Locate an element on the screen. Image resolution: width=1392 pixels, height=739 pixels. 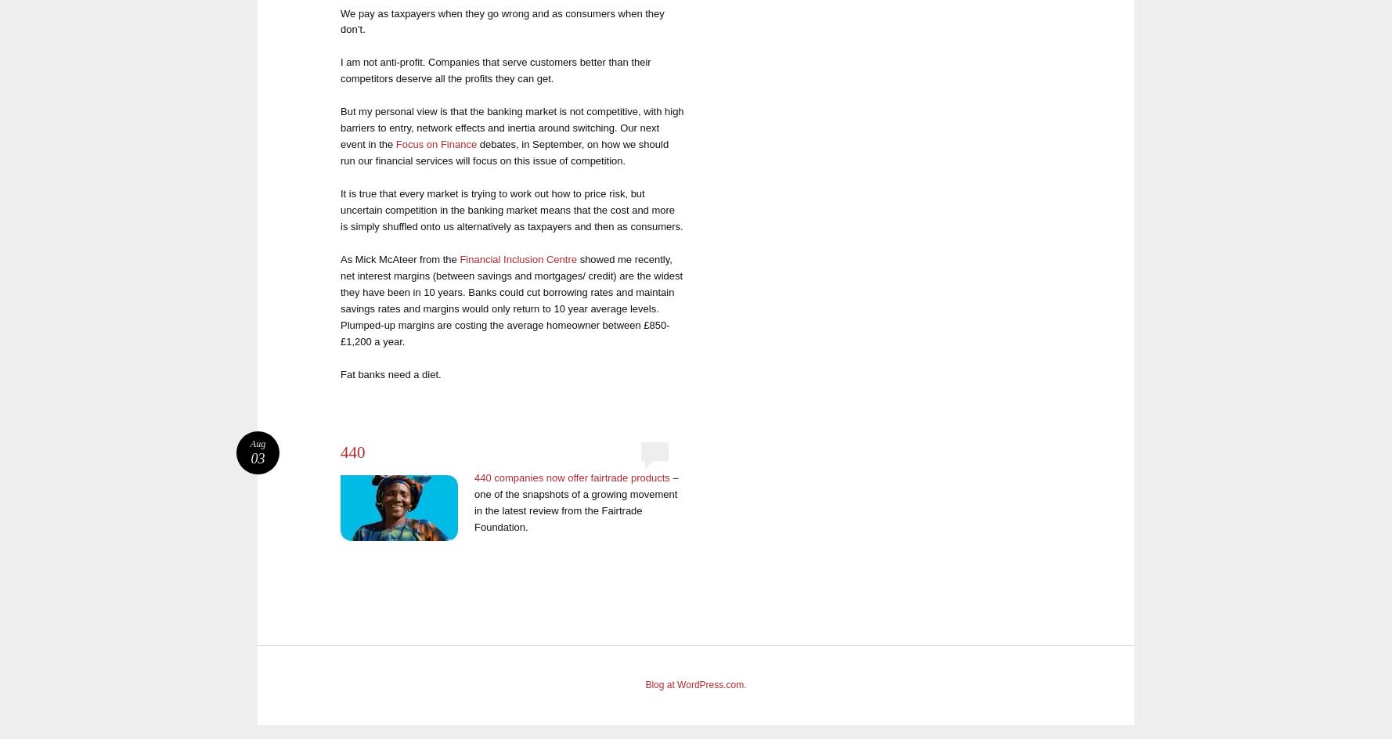
'Financial Inclusion Centre' is located at coordinates (519, 258).